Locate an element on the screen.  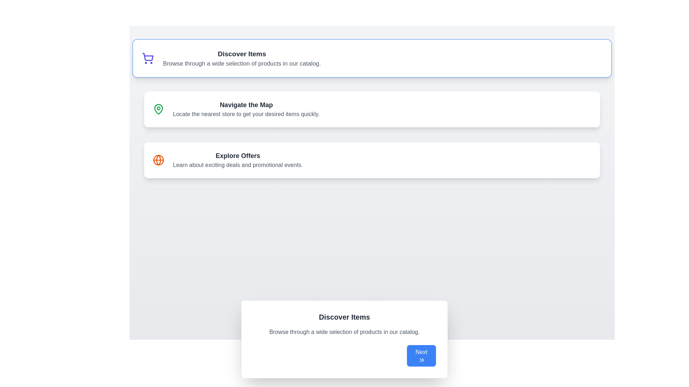
the text that reads 'Locate the nearest store to get your desired items quickly.' positioned under the header 'Navigate the Map.' is located at coordinates (246, 114).